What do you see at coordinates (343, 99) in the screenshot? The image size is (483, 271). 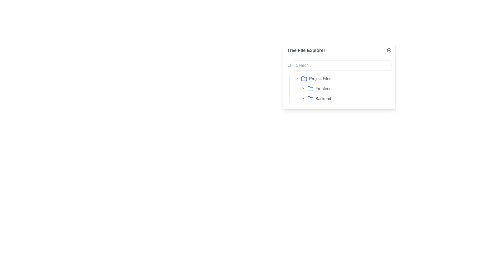 I see `the 'Backend' folder entry in the tree structure of the file explorer` at bounding box center [343, 99].